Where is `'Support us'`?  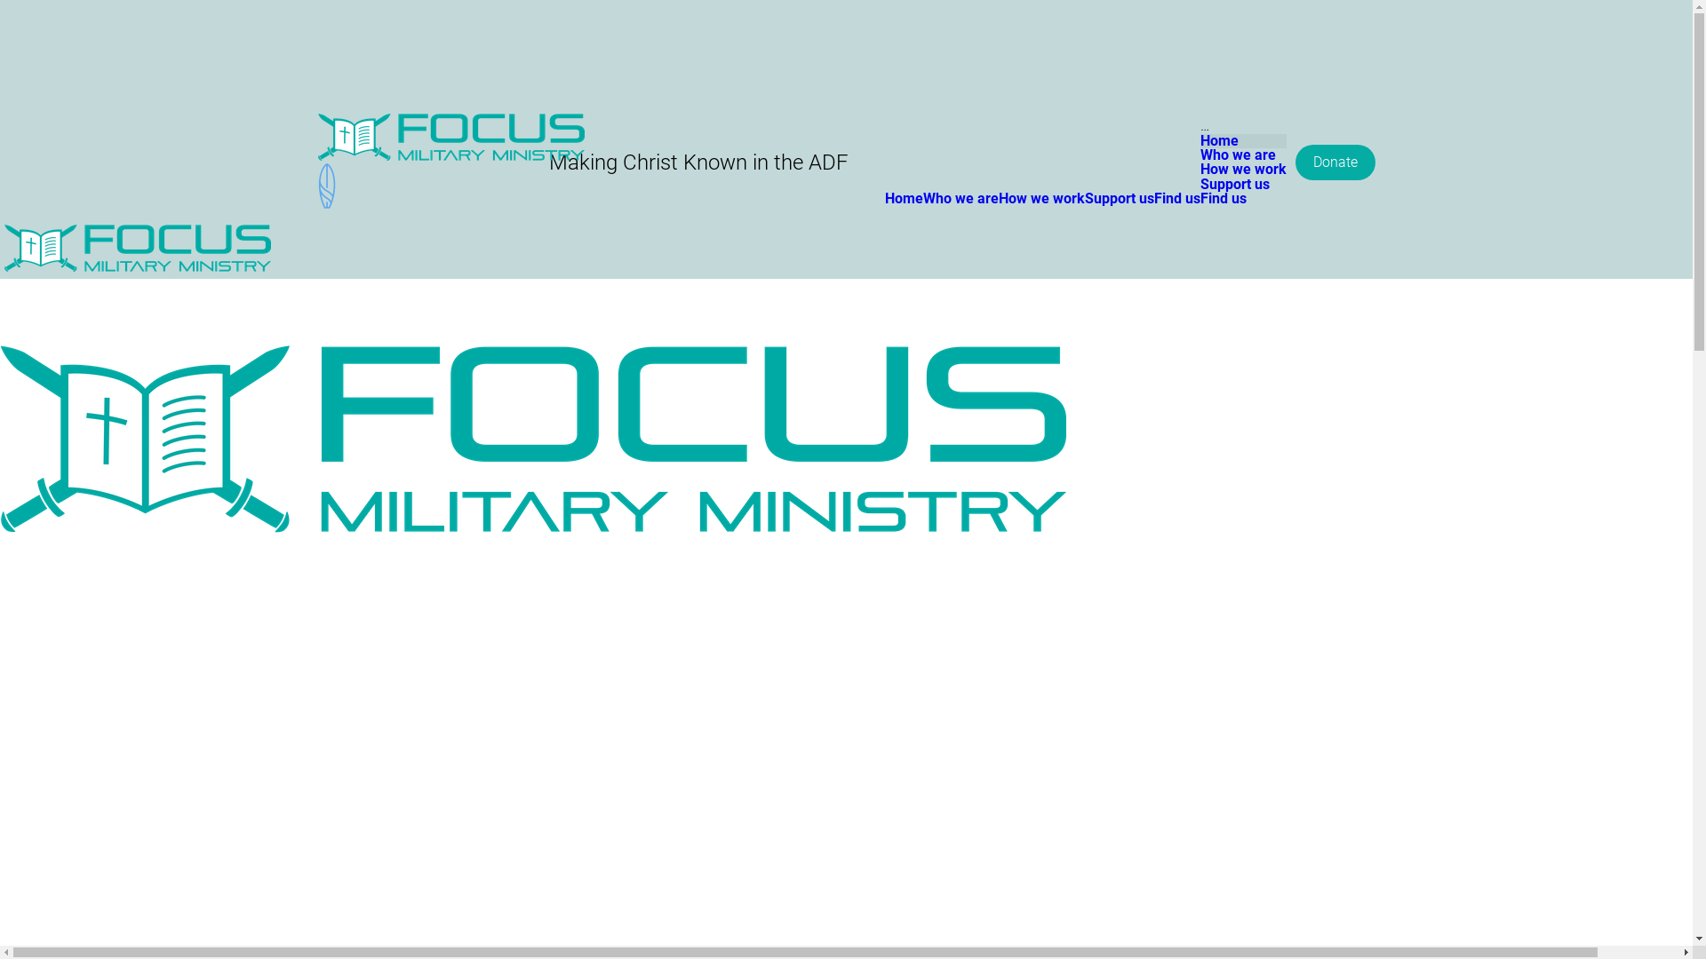 'Support us' is located at coordinates (1199, 184).